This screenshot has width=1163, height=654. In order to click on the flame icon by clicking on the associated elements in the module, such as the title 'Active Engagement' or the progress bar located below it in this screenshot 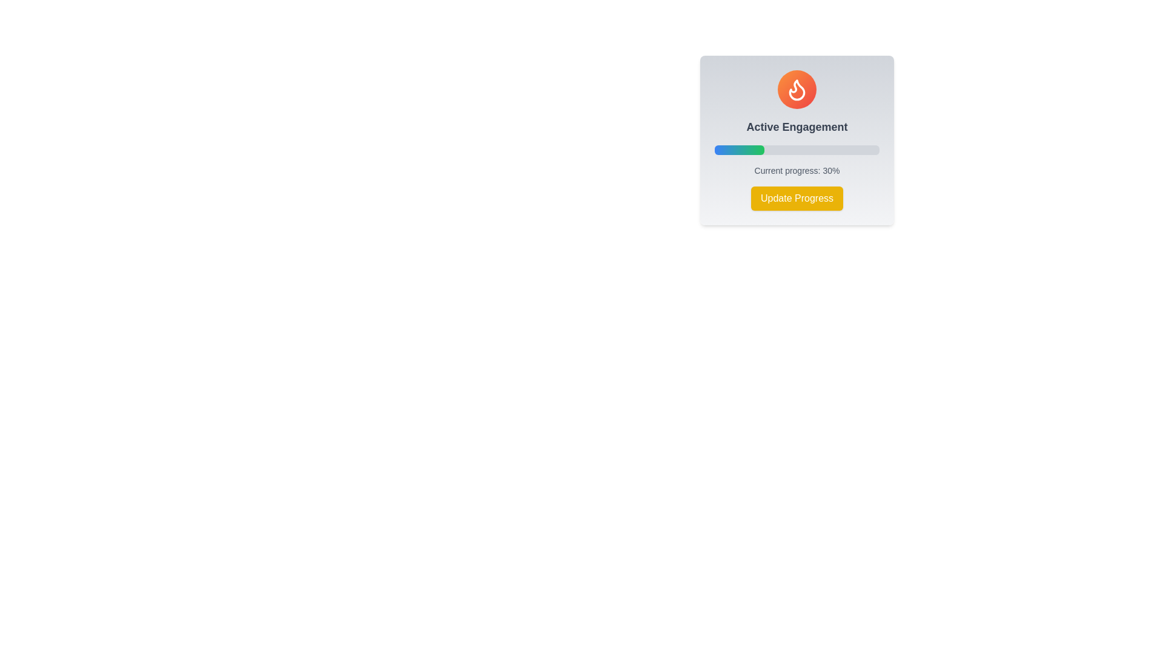, I will do `click(797, 88)`.